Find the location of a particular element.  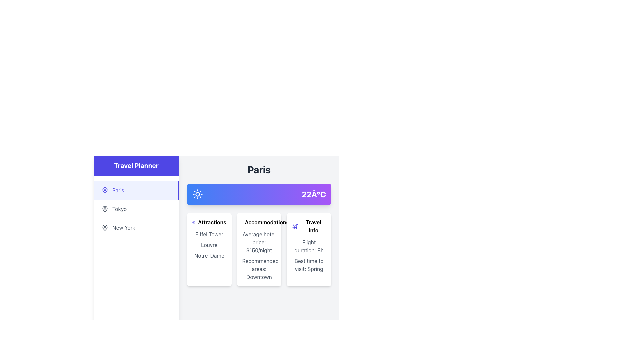

the interactive menu item located between 'Paris' and 'New York' is located at coordinates (136, 209).